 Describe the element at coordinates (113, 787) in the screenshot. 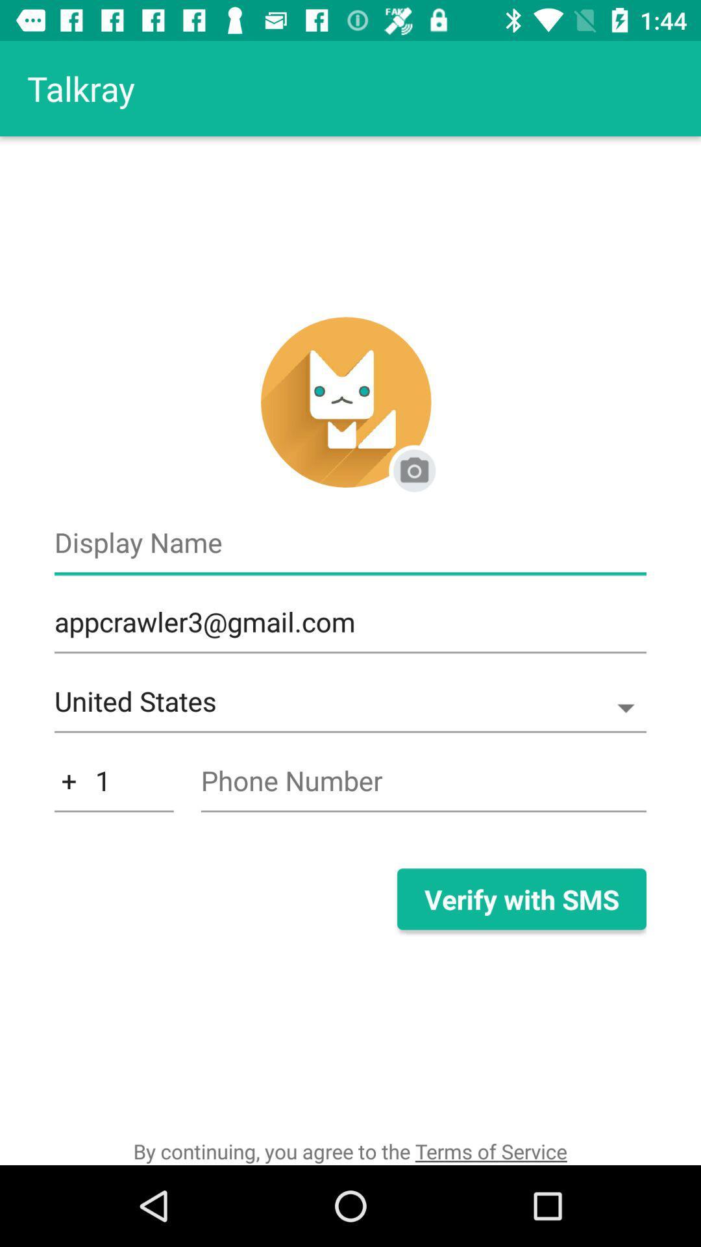

I see `the 1 icon` at that location.